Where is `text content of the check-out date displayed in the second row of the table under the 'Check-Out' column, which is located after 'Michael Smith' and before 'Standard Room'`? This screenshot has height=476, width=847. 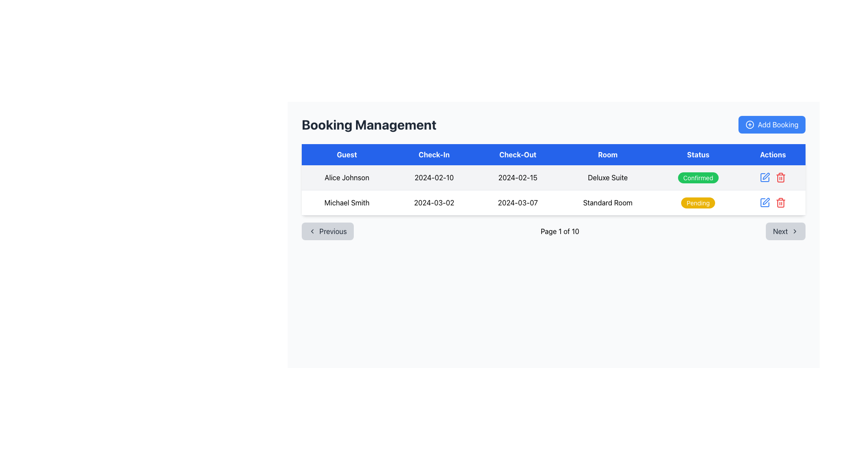 text content of the check-out date displayed in the second row of the table under the 'Check-Out' column, which is located after 'Michael Smith' and before 'Standard Room' is located at coordinates (517, 202).